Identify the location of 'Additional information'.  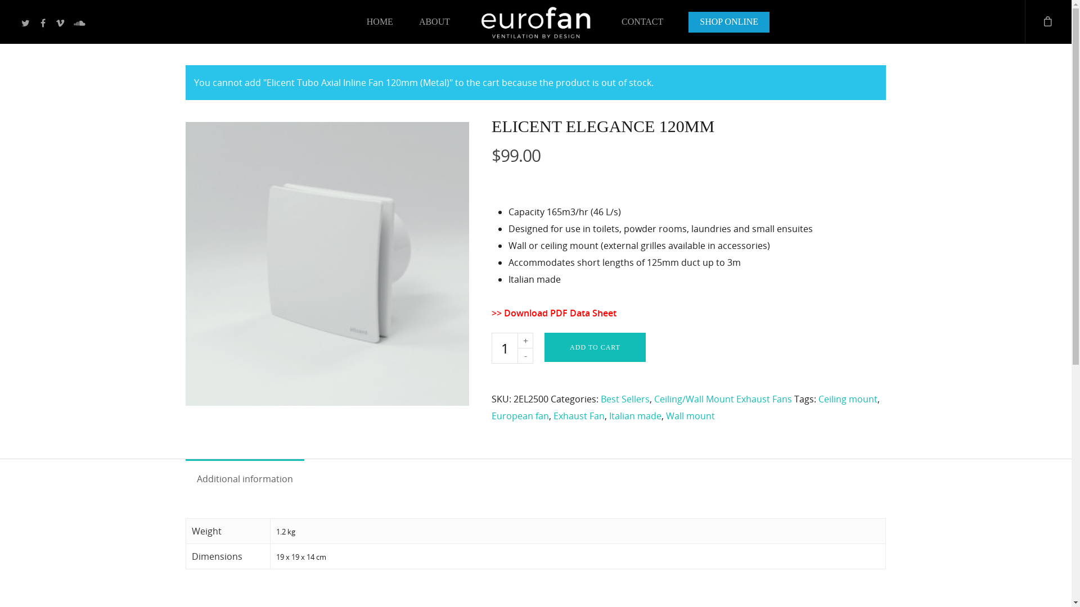
(244, 479).